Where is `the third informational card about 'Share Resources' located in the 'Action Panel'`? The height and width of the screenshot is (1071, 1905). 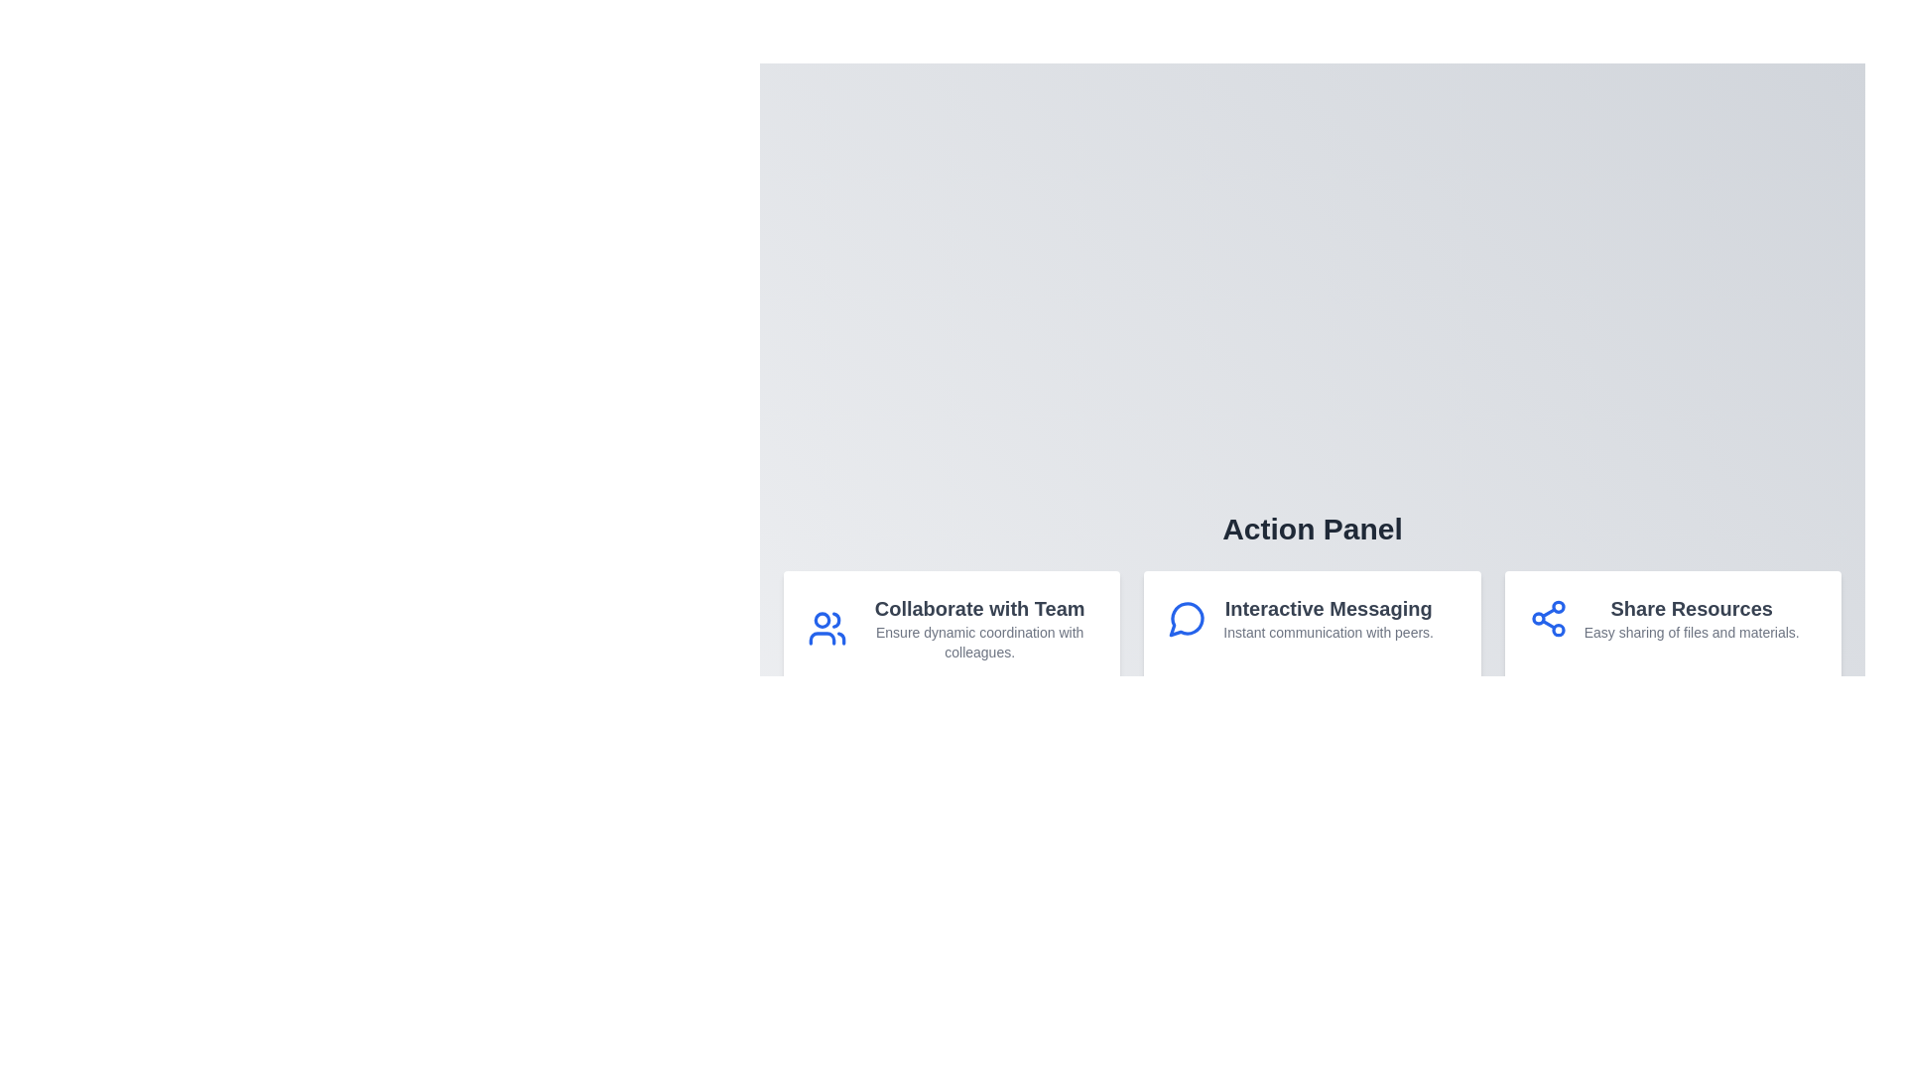 the third informational card about 'Share Resources' located in the 'Action Panel' is located at coordinates (1672, 628).